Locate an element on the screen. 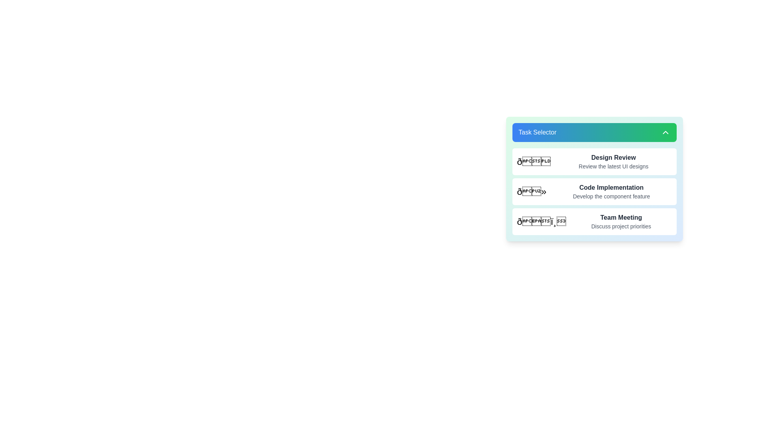  the icon representing 'Code Implementation' to trigger interaction or display a tooltip is located at coordinates (531, 192).